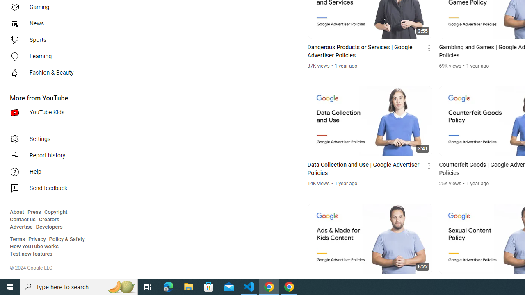 This screenshot has height=295, width=525. I want to click on 'Copyright', so click(55, 212).